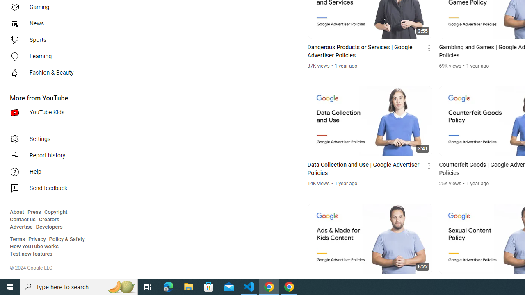 This screenshot has height=295, width=525. I want to click on 'Copyright', so click(55, 212).